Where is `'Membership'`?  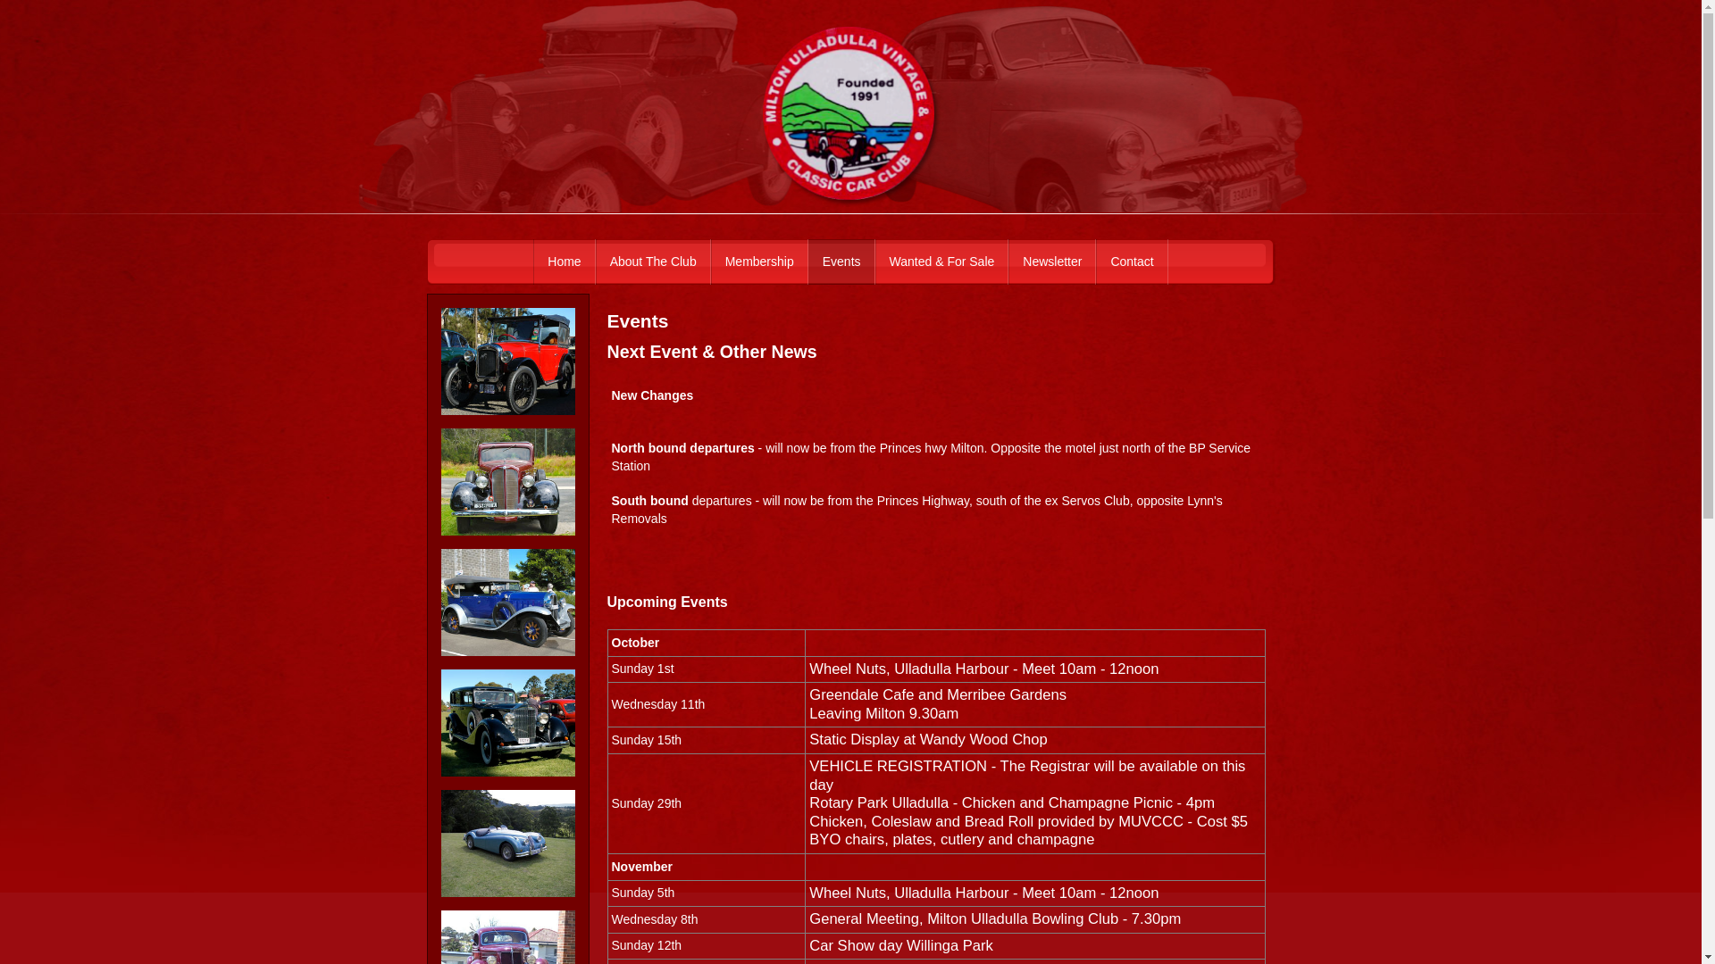 'Membership' is located at coordinates (759, 262).